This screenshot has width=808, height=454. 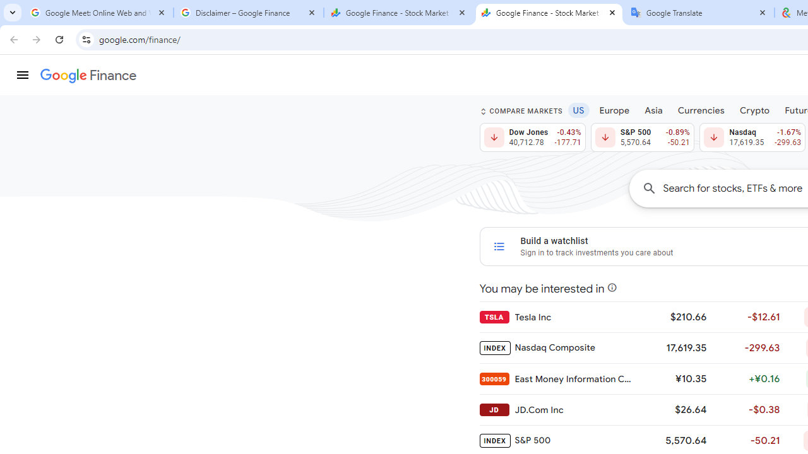 I want to click on 'Google Translate', so click(x=699, y=13).